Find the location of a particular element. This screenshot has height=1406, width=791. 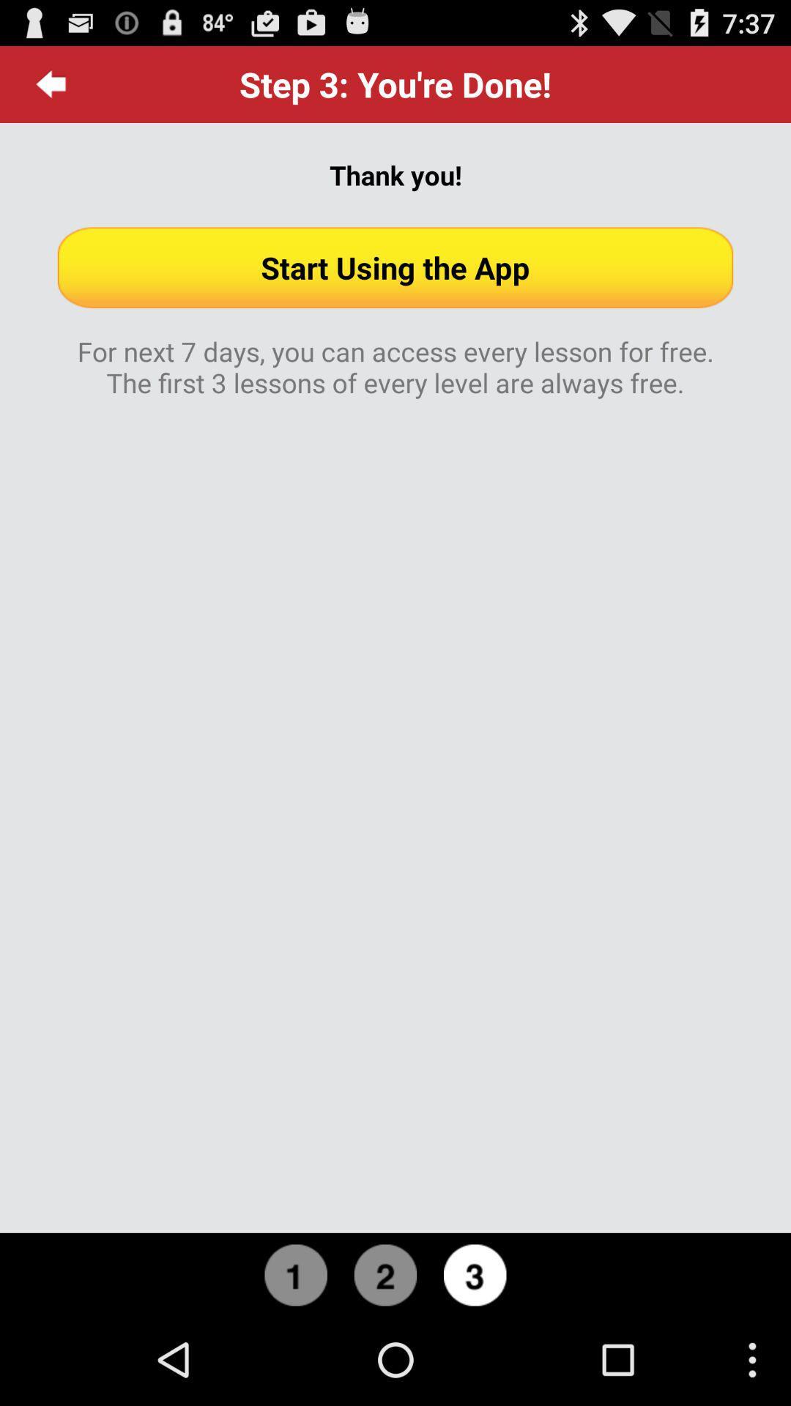

start using the item is located at coordinates (395, 267).